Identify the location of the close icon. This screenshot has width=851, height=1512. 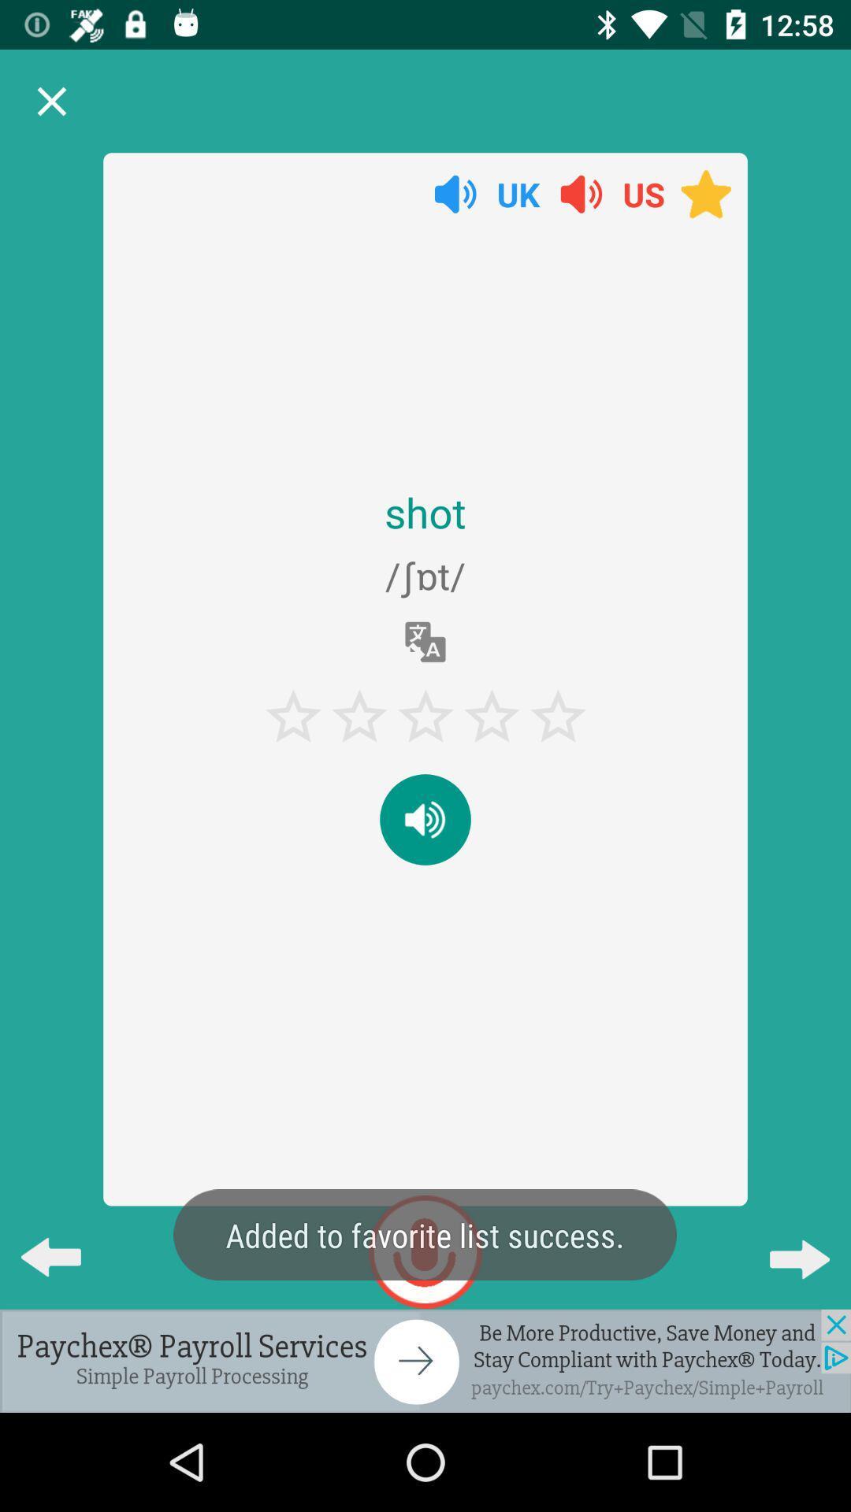
(50, 101).